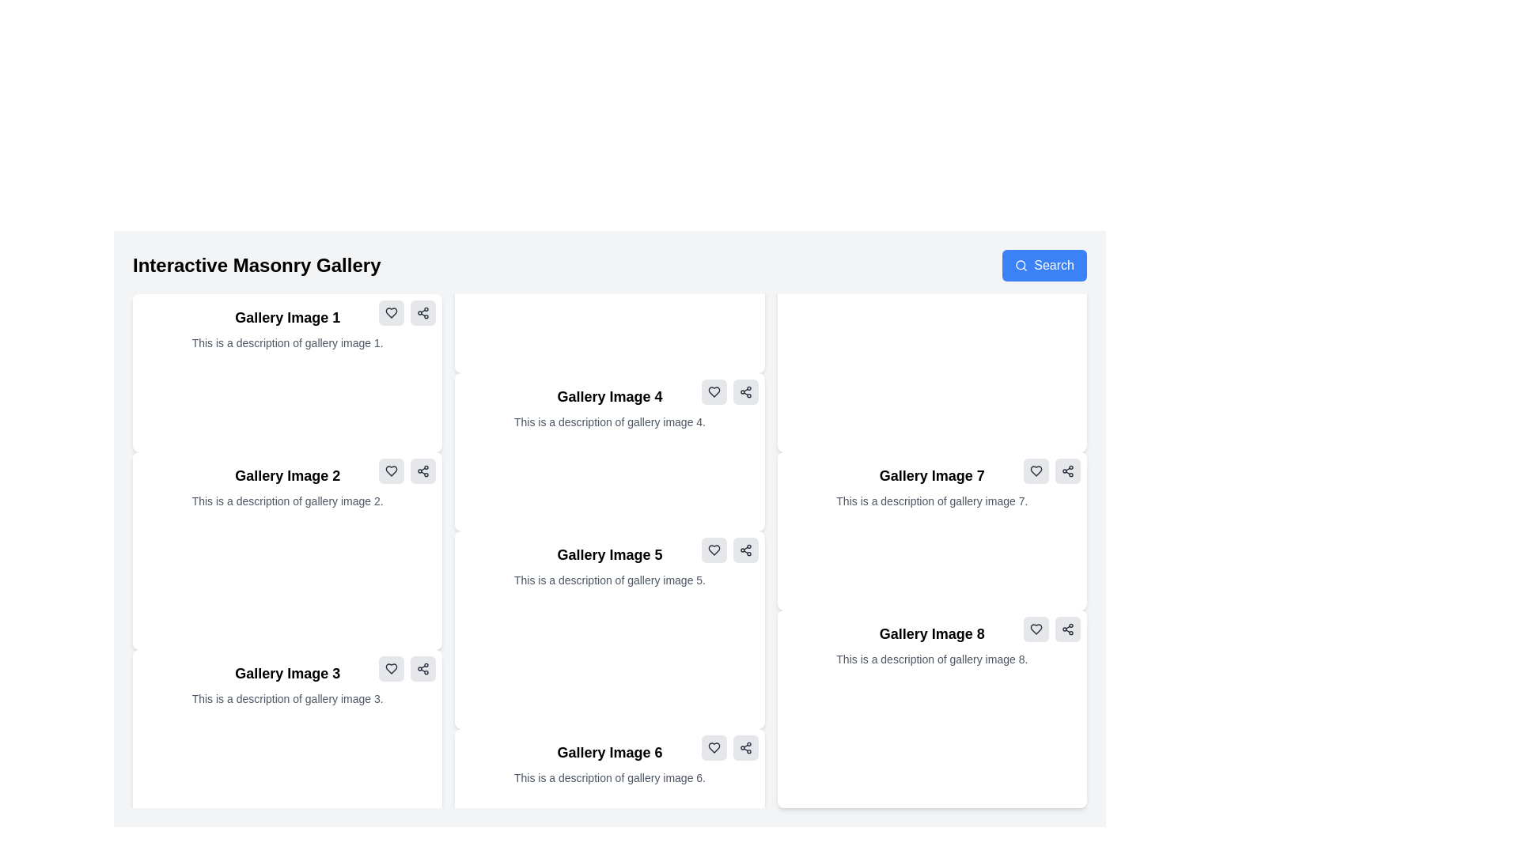 The height and width of the screenshot is (854, 1519). What do you see at coordinates (609, 580) in the screenshot?
I see `the static text label that provides additional context for 'Gallery Image 5', which is located directly below the title in the middle column of the second row of the grid layout` at bounding box center [609, 580].